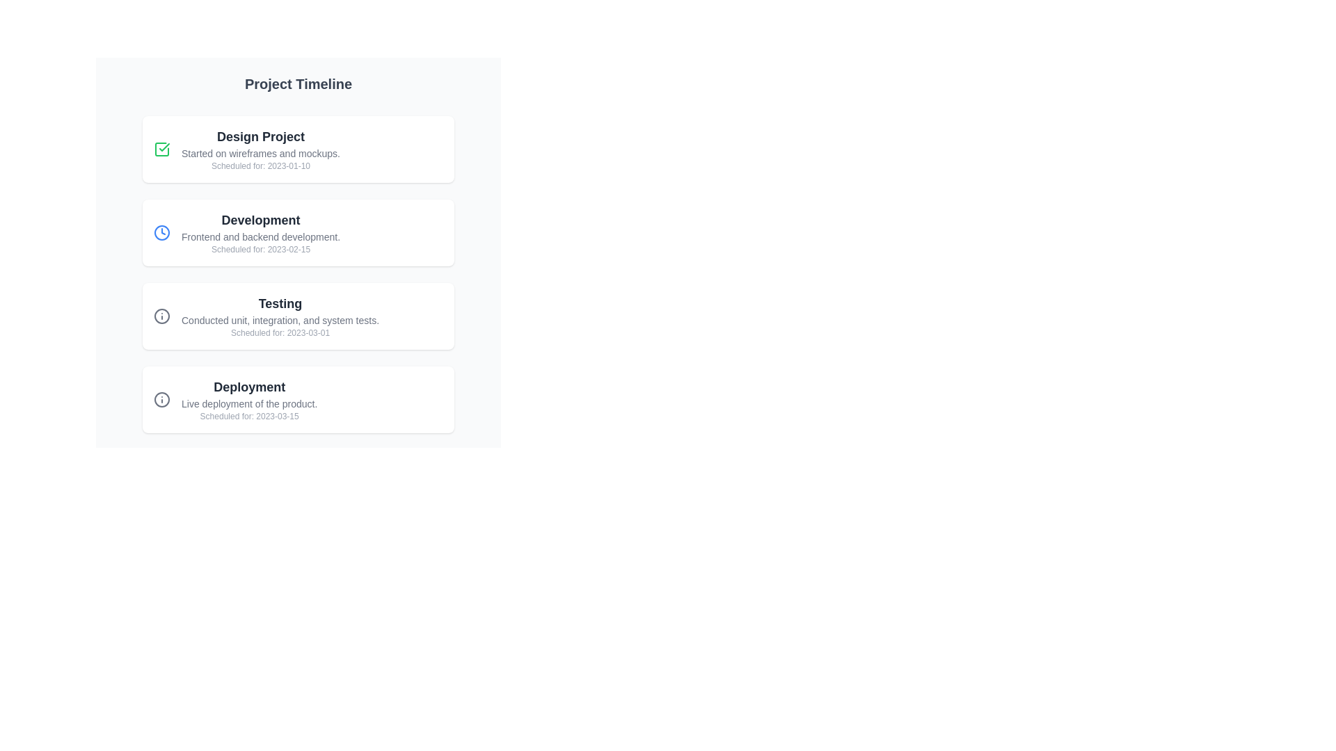 The height and width of the screenshot is (751, 1336). Describe the element at coordinates (162, 316) in the screenshot. I see `the 'Testing' event icon located in the left portion of the 'Testing' section of the timeline, which is the third item in the vertical list` at that location.